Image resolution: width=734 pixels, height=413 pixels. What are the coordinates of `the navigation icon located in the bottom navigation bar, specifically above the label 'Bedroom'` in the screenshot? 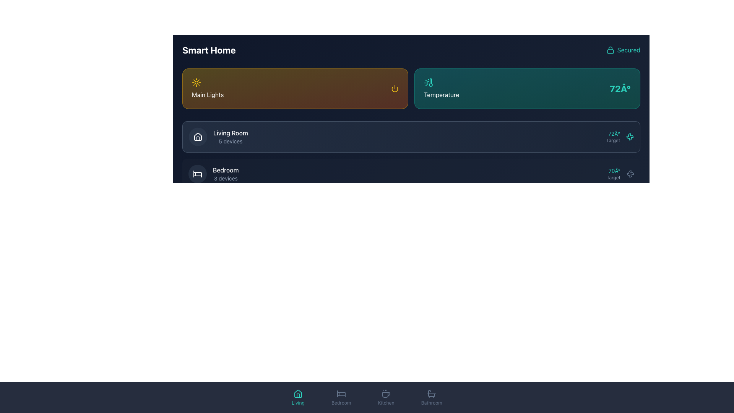 It's located at (341, 393).